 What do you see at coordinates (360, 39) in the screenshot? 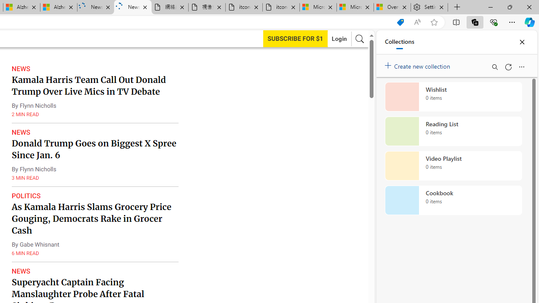
I see `'AutomationID: search-btn'` at bounding box center [360, 39].